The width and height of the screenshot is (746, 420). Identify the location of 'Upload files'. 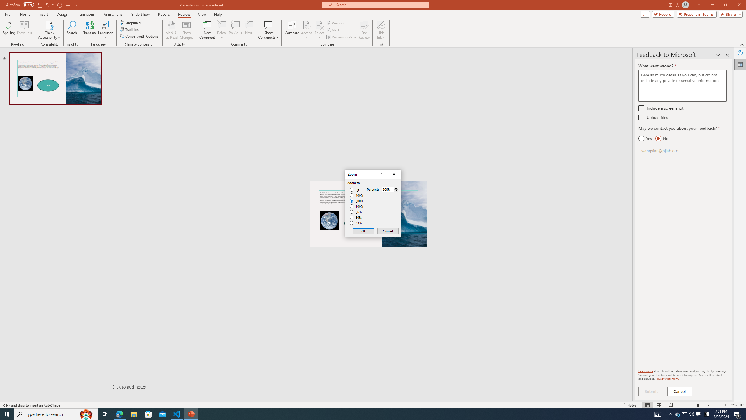
(641, 117).